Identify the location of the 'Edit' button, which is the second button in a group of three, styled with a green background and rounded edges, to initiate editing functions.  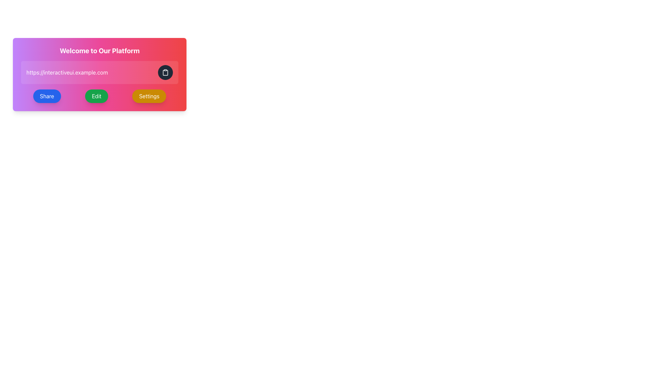
(99, 96).